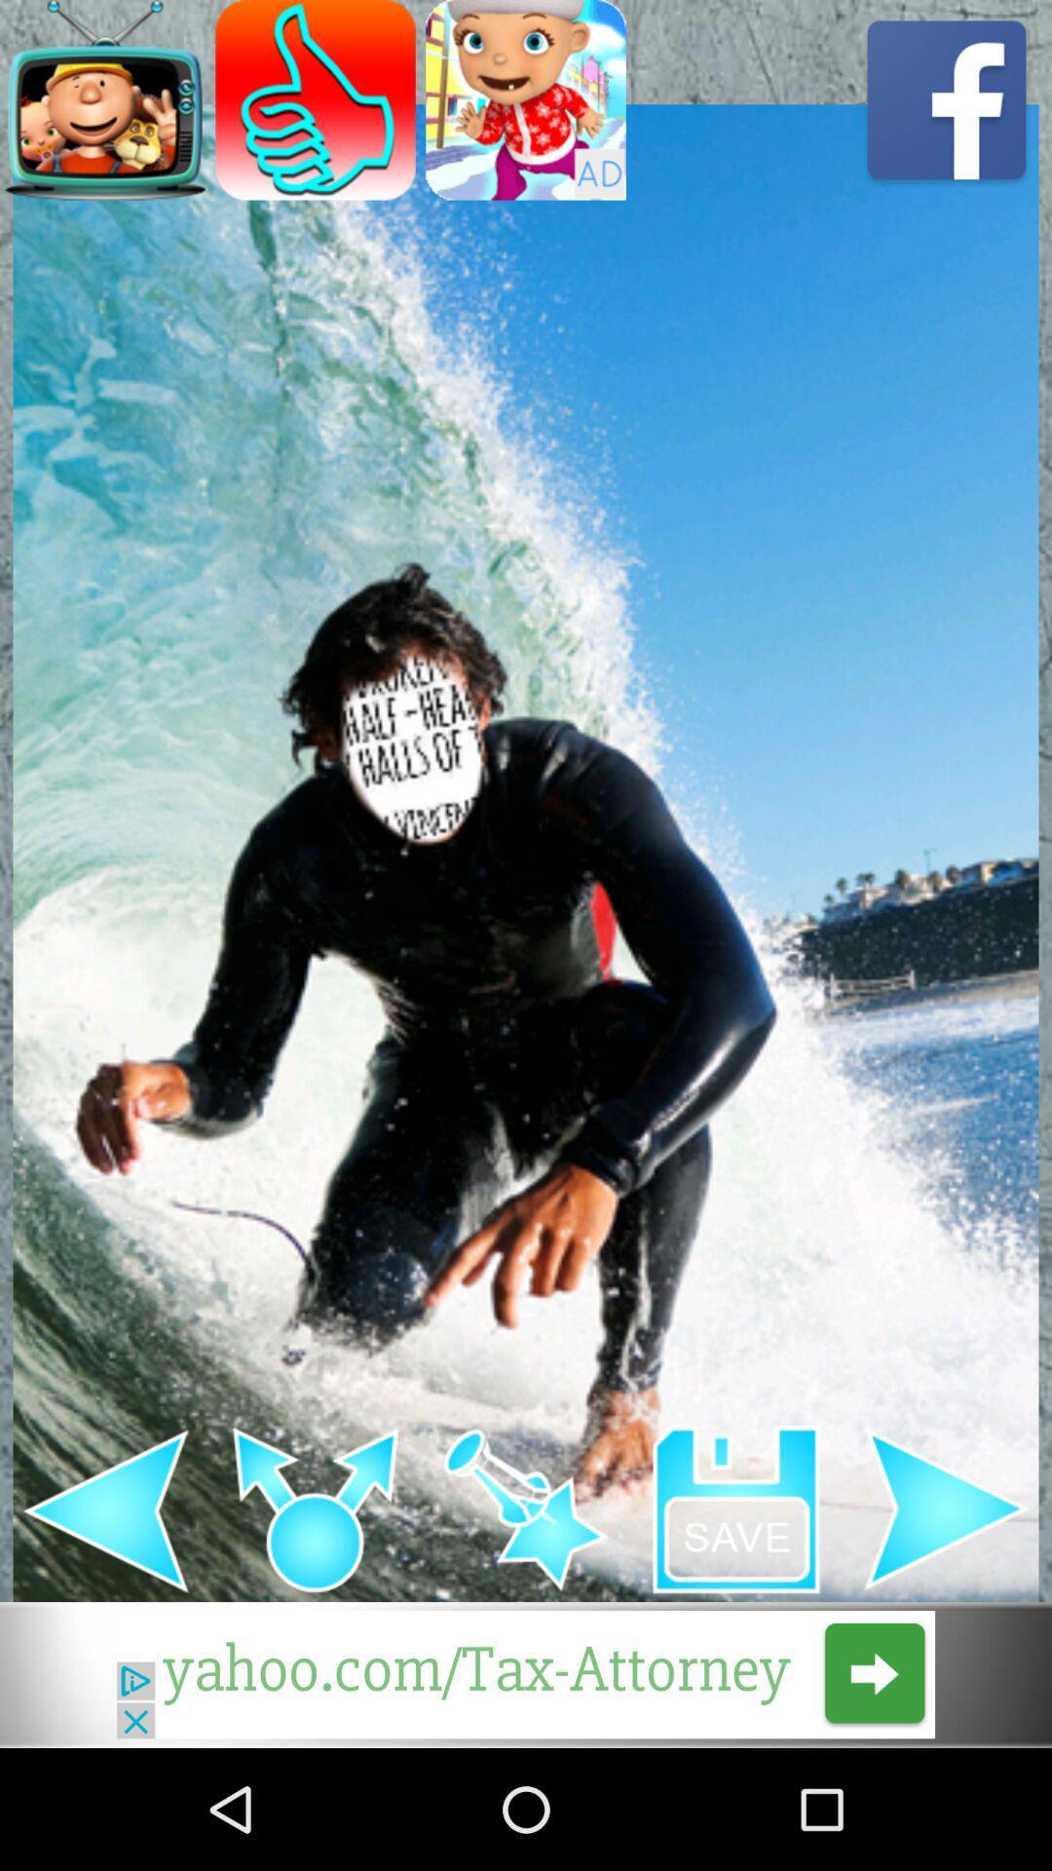  Describe the element at coordinates (315, 1616) in the screenshot. I see `the share icon` at that location.